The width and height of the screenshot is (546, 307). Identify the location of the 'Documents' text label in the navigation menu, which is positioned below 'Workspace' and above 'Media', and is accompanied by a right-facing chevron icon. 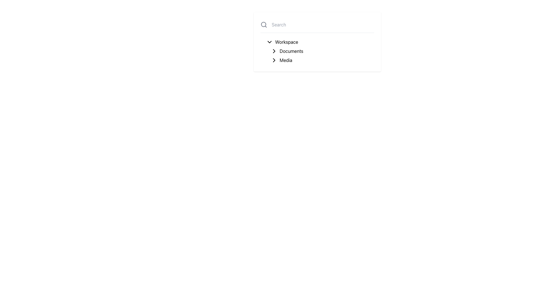
(291, 51).